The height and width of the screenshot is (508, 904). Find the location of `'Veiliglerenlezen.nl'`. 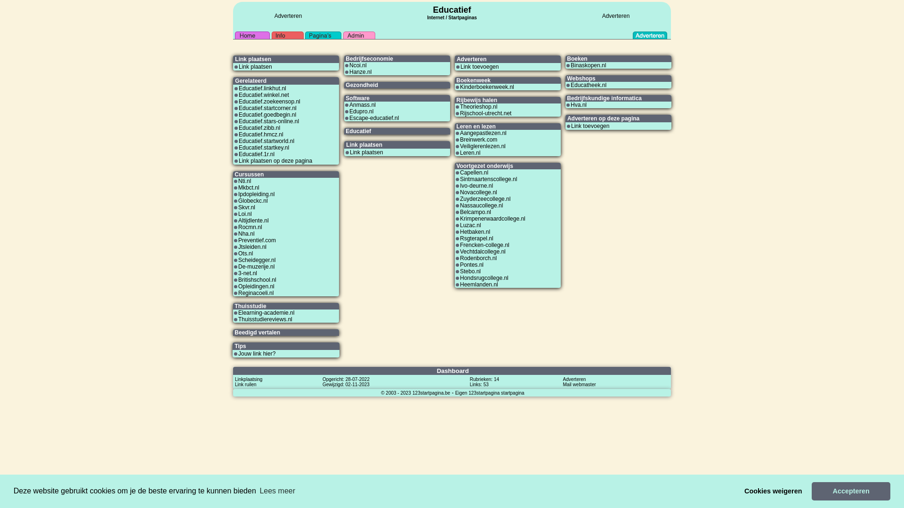

'Veiliglerenlezen.nl' is located at coordinates (483, 146).